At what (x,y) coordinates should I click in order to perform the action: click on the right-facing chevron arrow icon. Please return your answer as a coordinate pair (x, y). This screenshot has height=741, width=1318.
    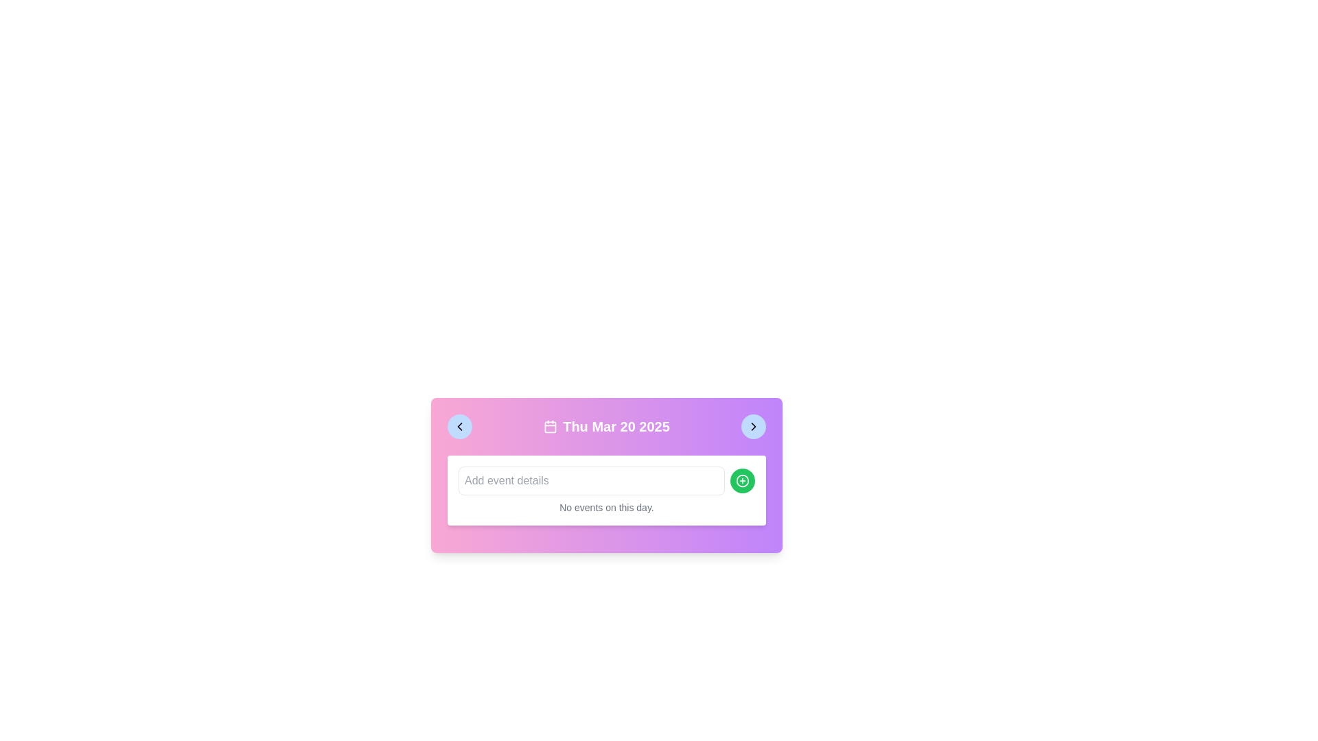
    Looking at the image, I should click on (753, 425).